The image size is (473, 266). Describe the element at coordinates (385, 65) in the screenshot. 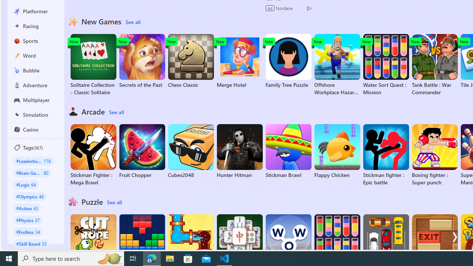

I see `'Water Sort Quest : Mission'` at that location.